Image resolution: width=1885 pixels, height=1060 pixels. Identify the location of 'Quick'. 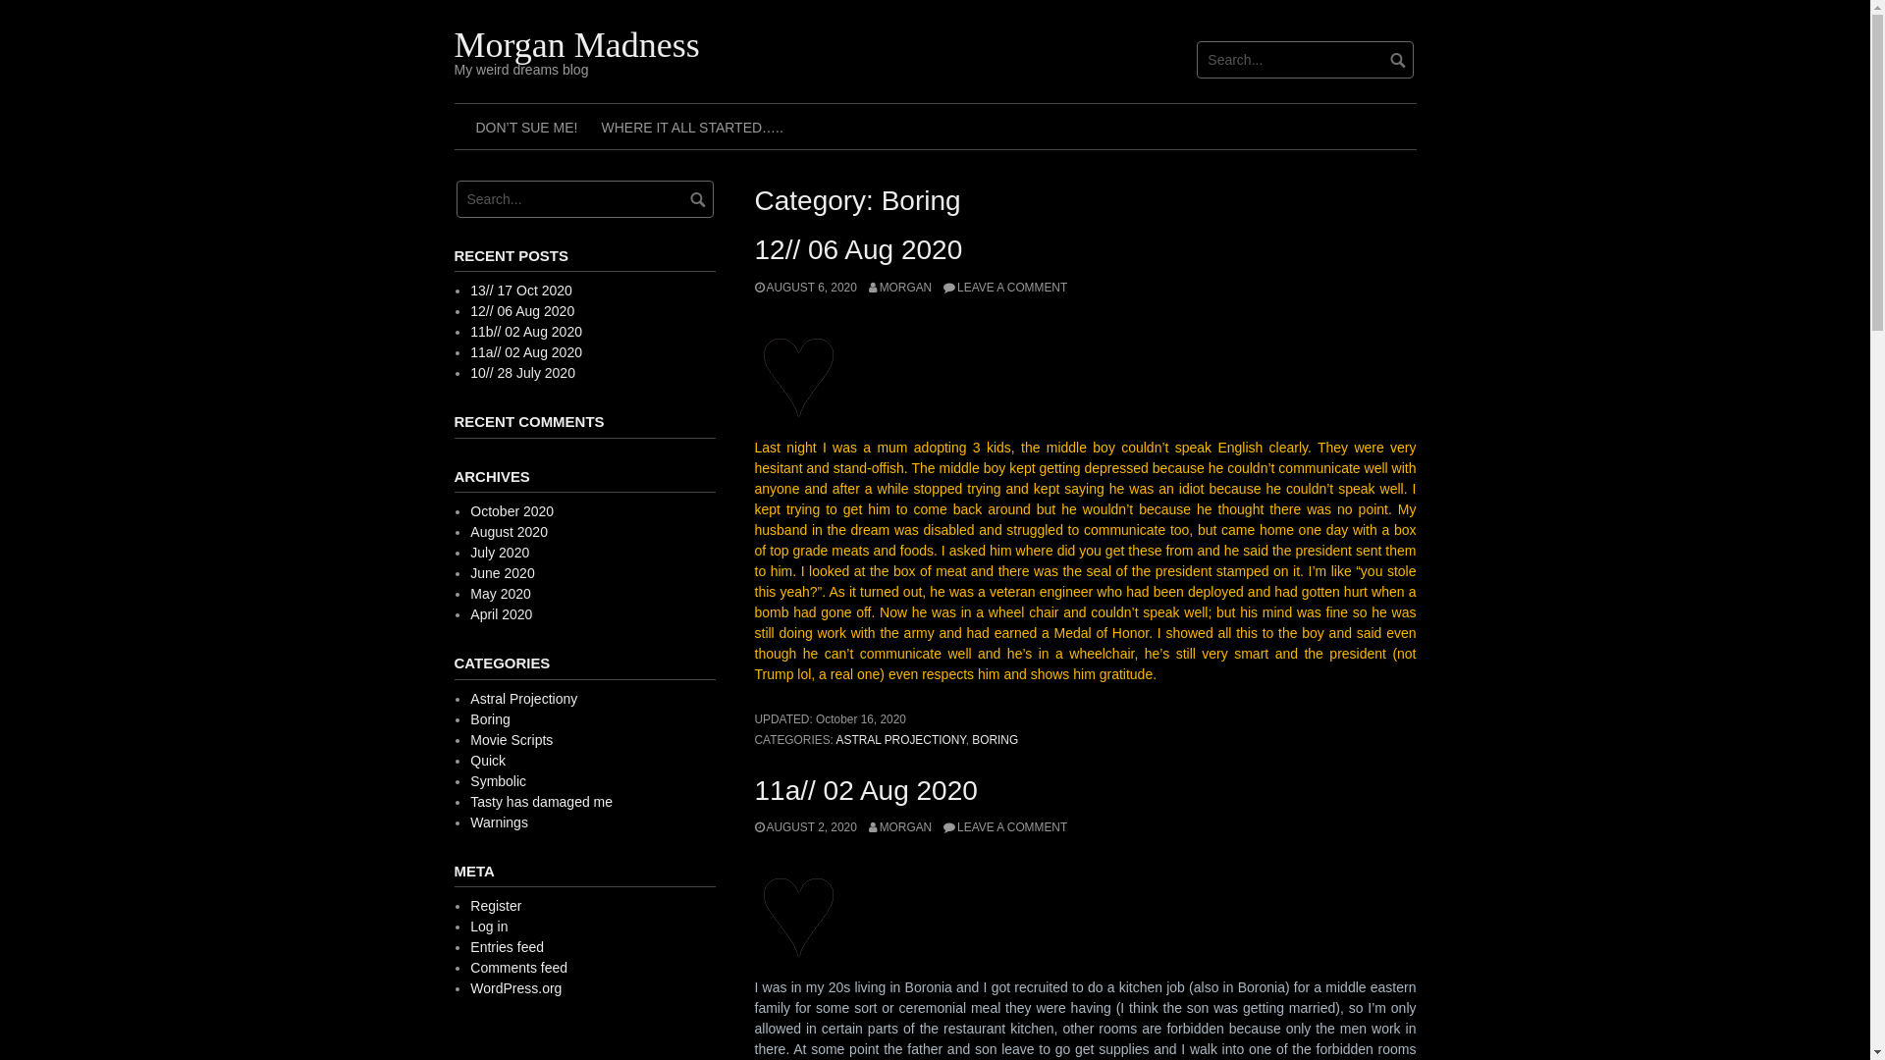
(488, 760).